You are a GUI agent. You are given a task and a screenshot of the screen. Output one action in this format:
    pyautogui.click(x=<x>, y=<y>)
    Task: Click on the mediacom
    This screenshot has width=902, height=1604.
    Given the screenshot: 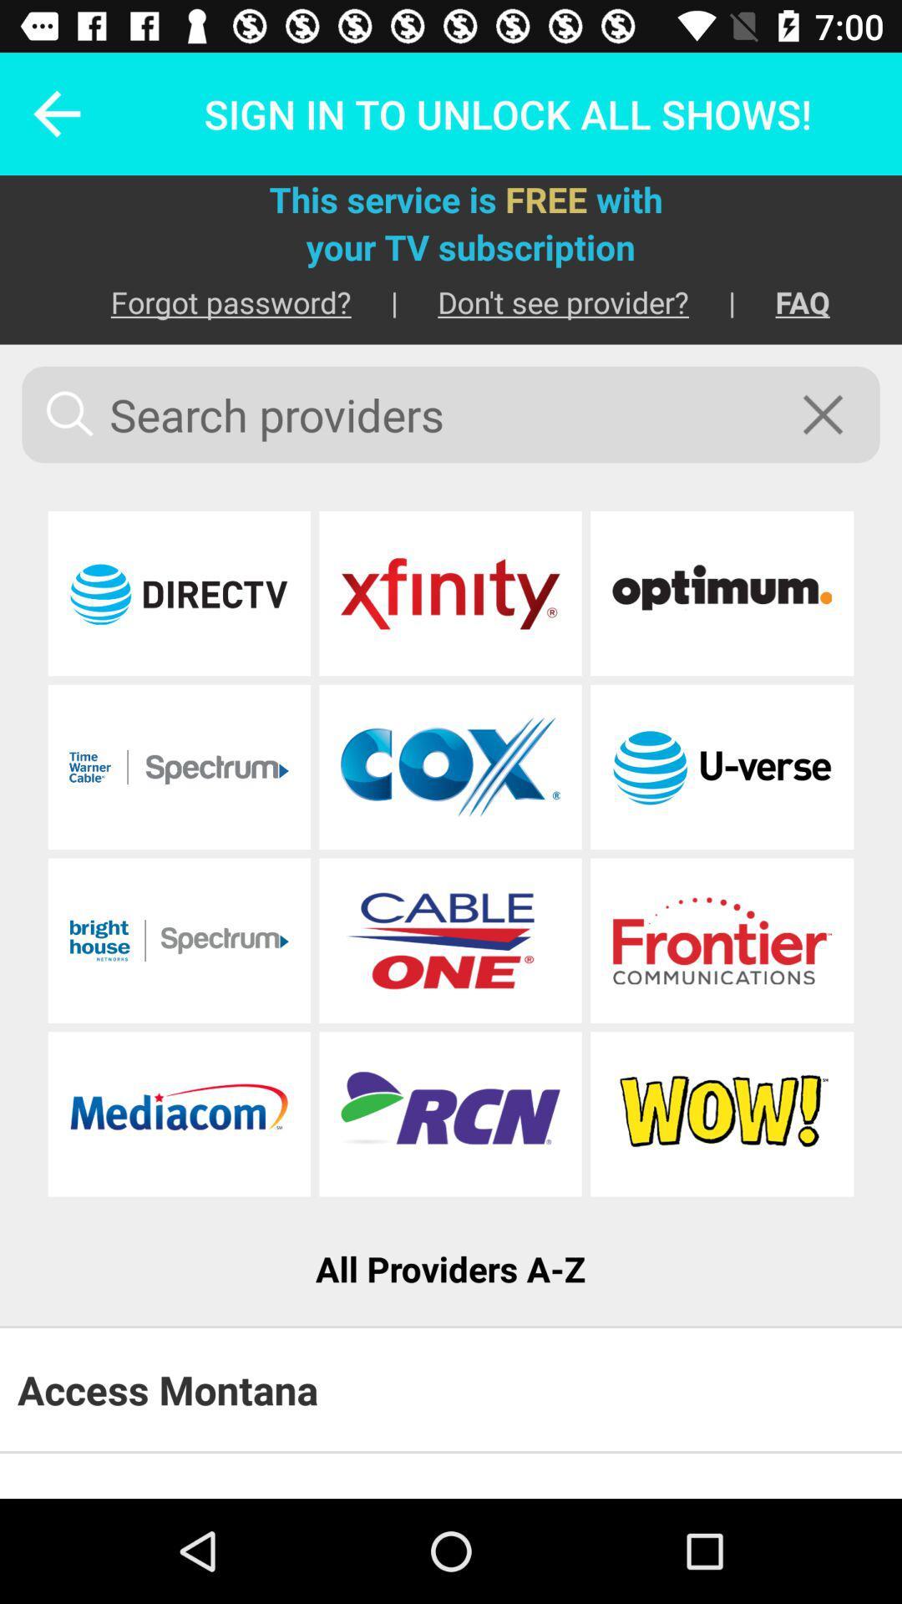 What is the action you would take?
    pyautogui.click(x=179, y=1114)
    